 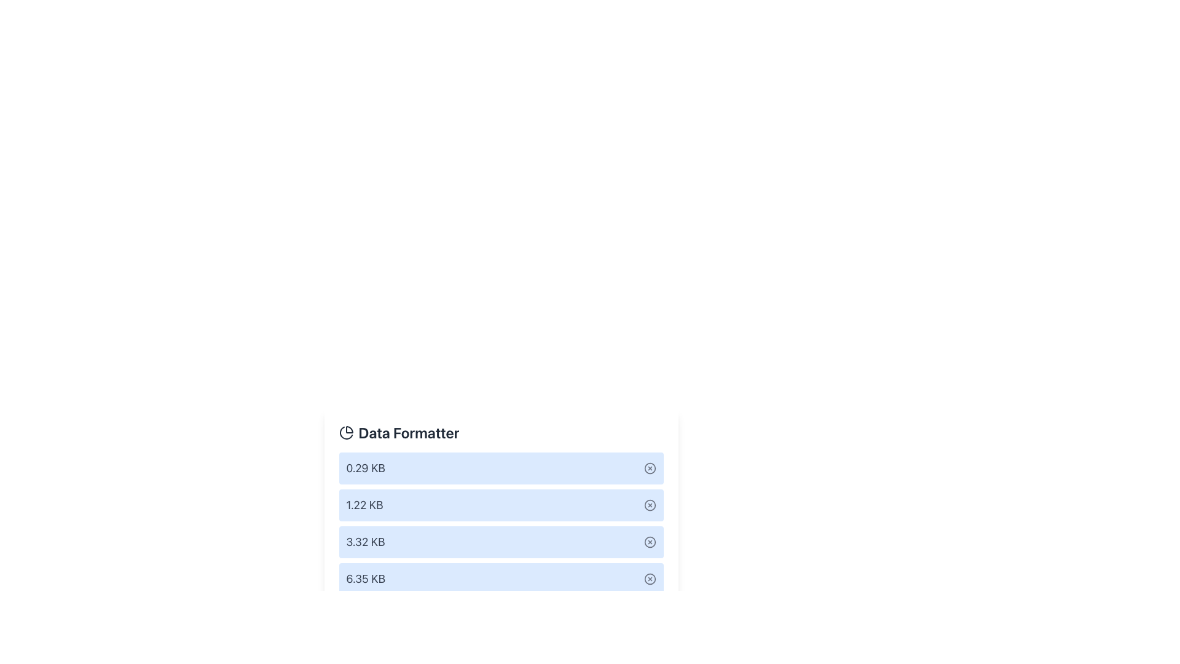 What do you see at coordinates (348, 429) in the screenshot?
I see `the upper-right curve of the pie chart icon, which is characterized by a dark stroke color and is part of a two-segment pie chart` at bounding box center [348, 429].